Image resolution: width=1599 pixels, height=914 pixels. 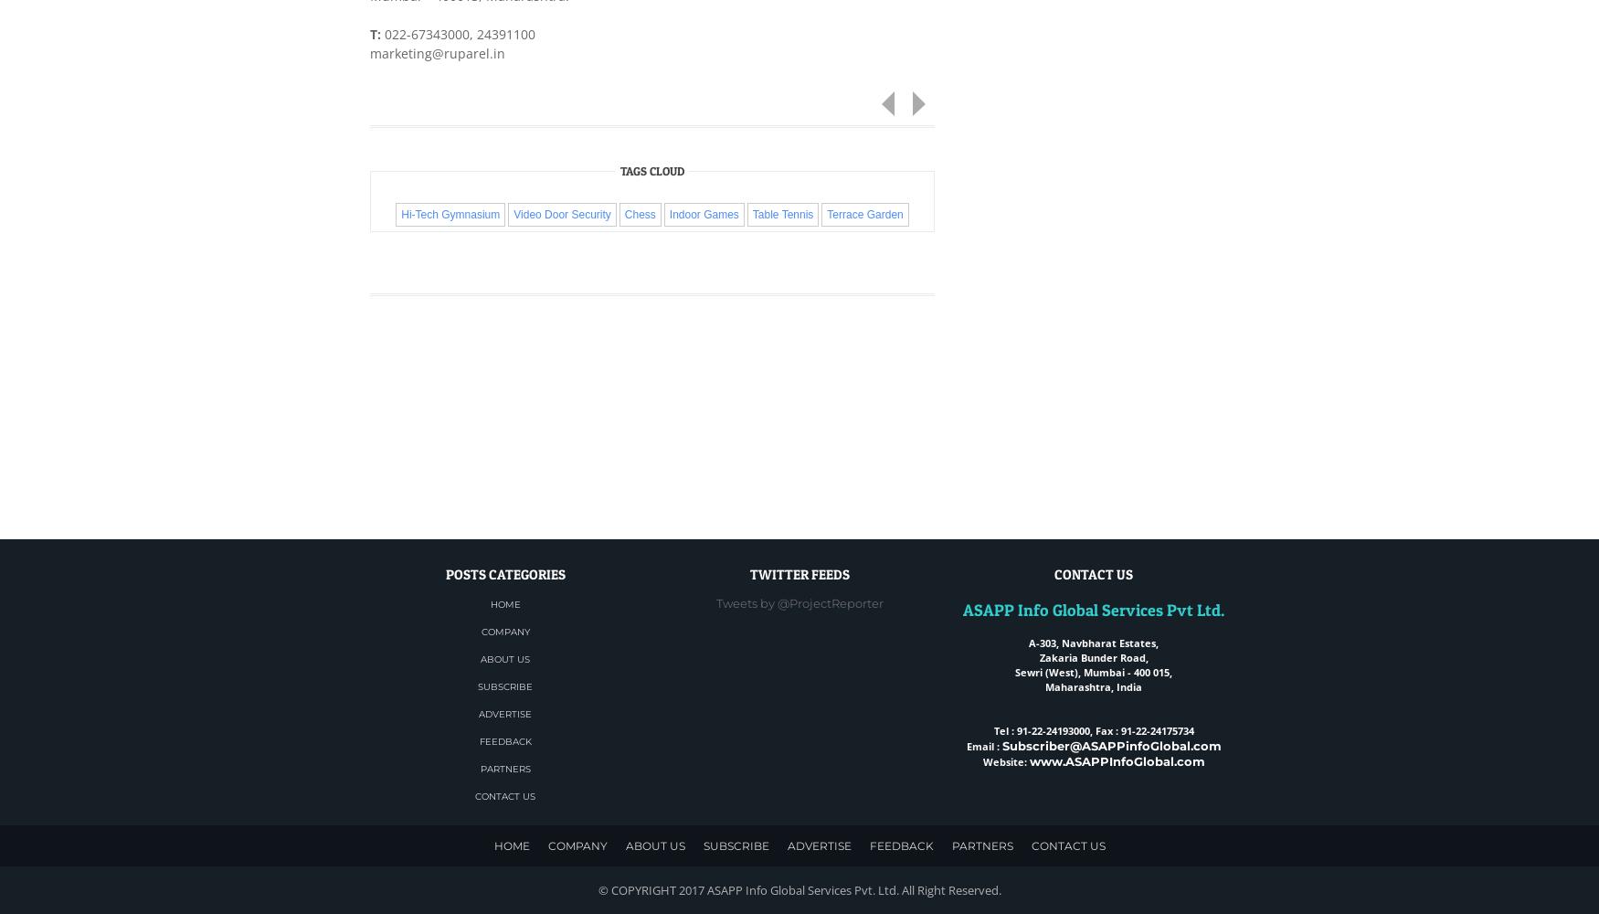 I want to click on 'Twitter Feeds', so click(x=799, y=574).